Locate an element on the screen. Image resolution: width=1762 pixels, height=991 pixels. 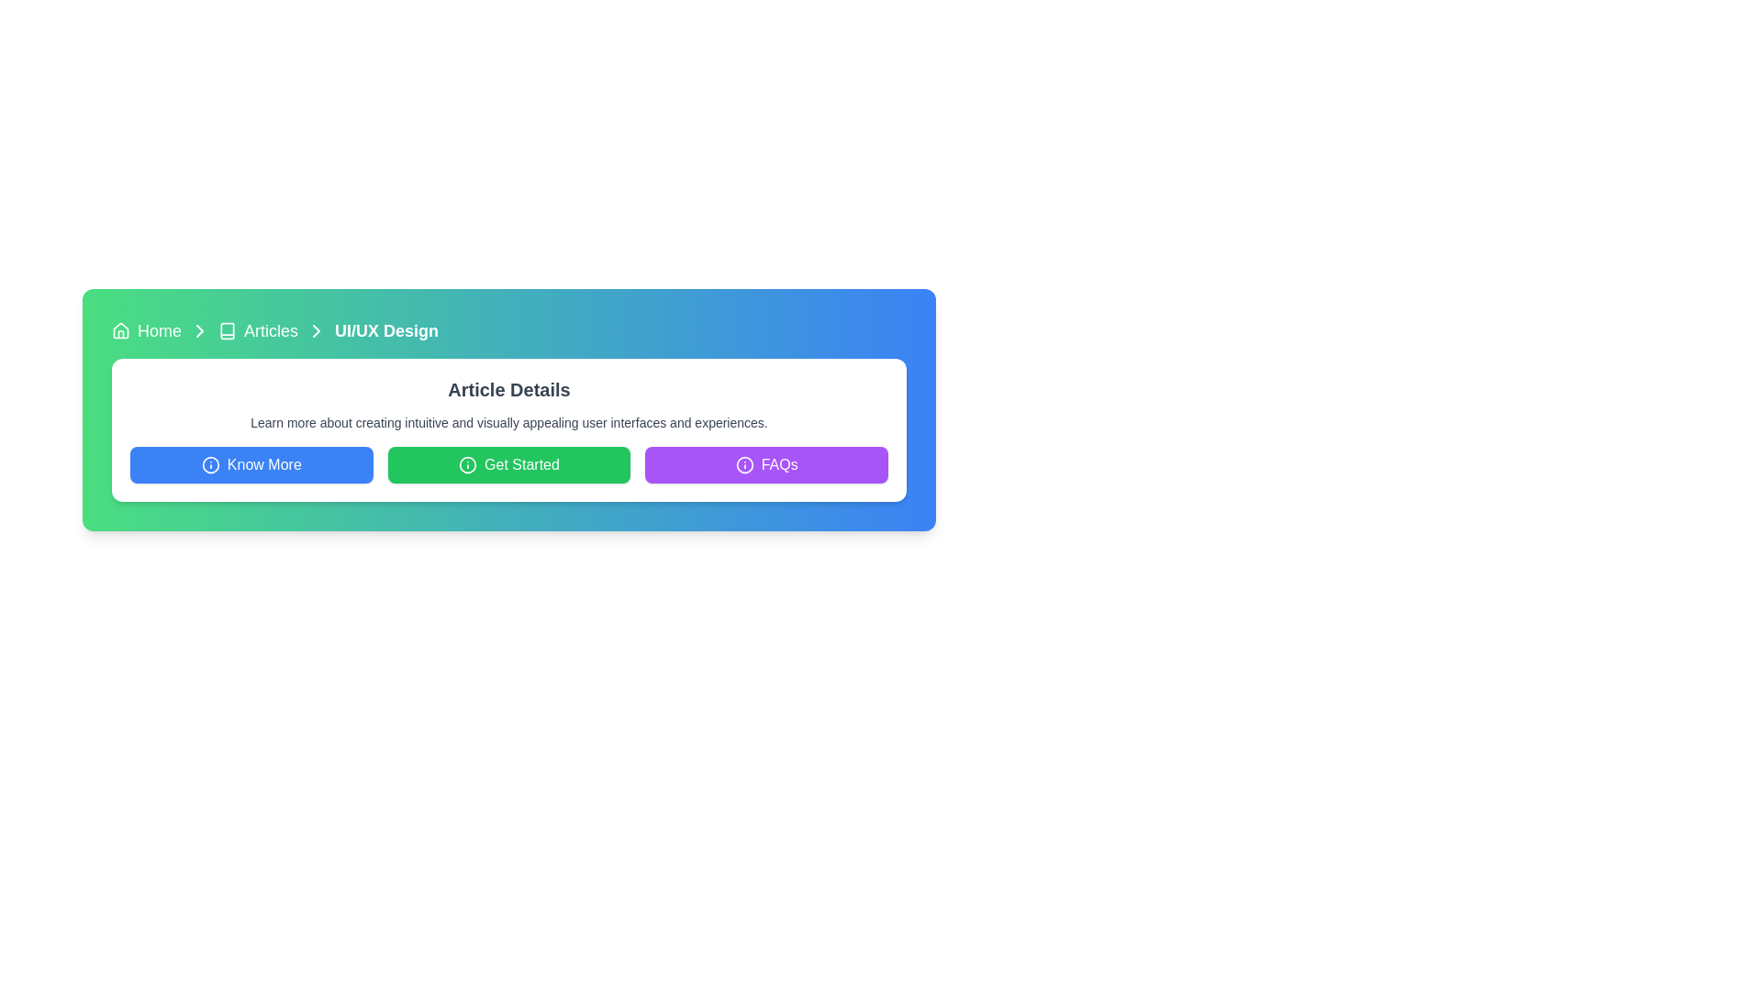
the 'Articles' icon in the breadcrumb navigation bar is located at coordinates (227, 331).